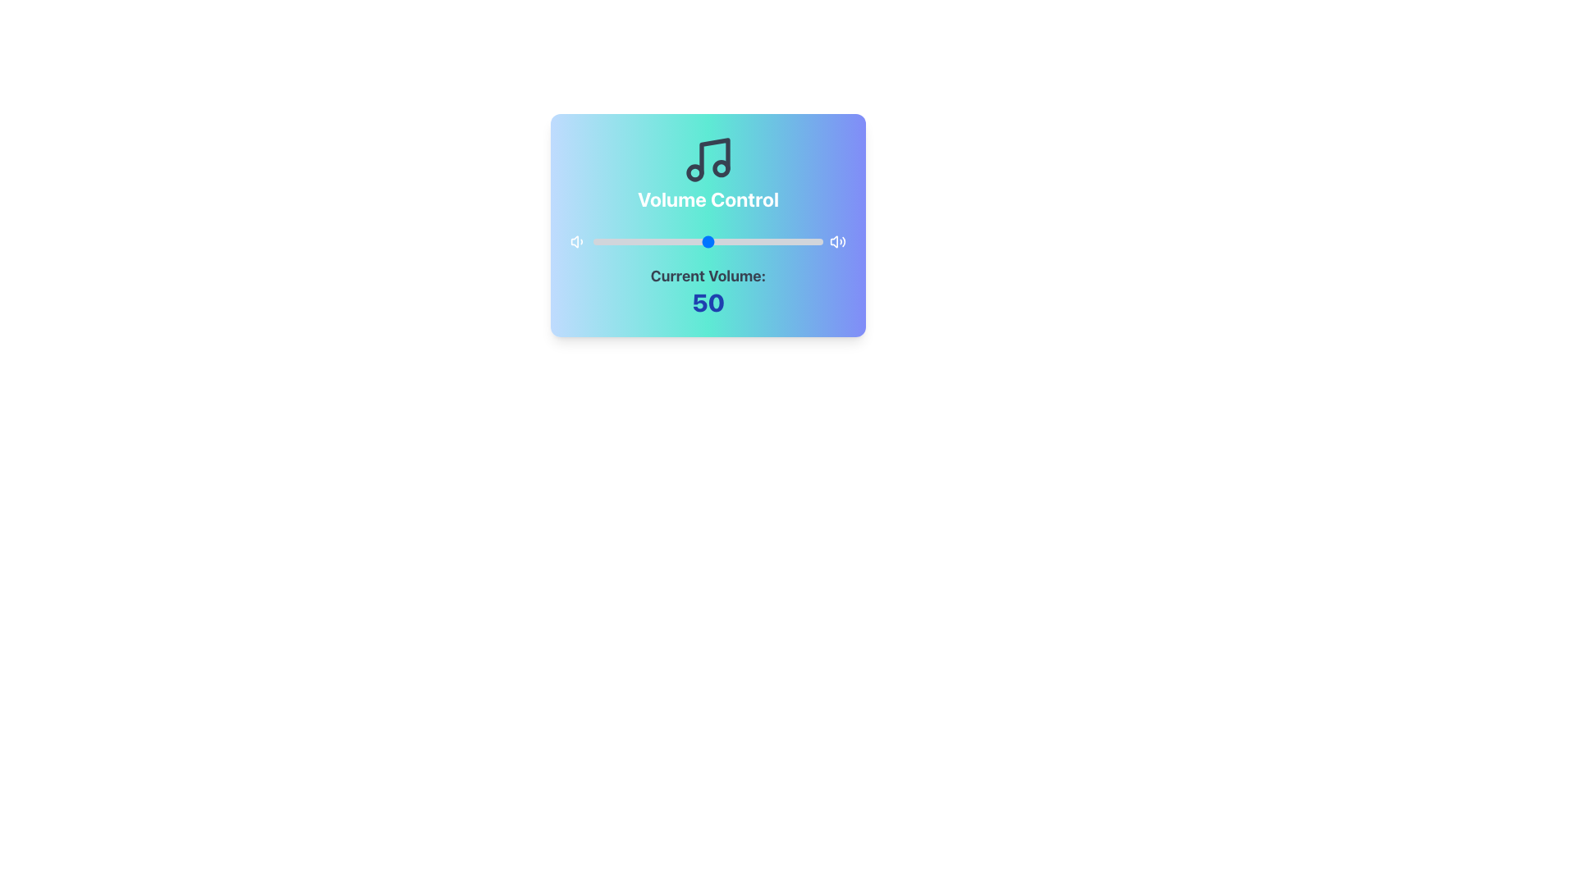 This screenshot has height=886, width=1576. What do you see at coordinates (838, 241) in the screenshot?
I see `the two-wave speaker volume icon located at the far-right end of the volume control interface within the blue and gradient-themed UI card` at bounding box center [838, 241].